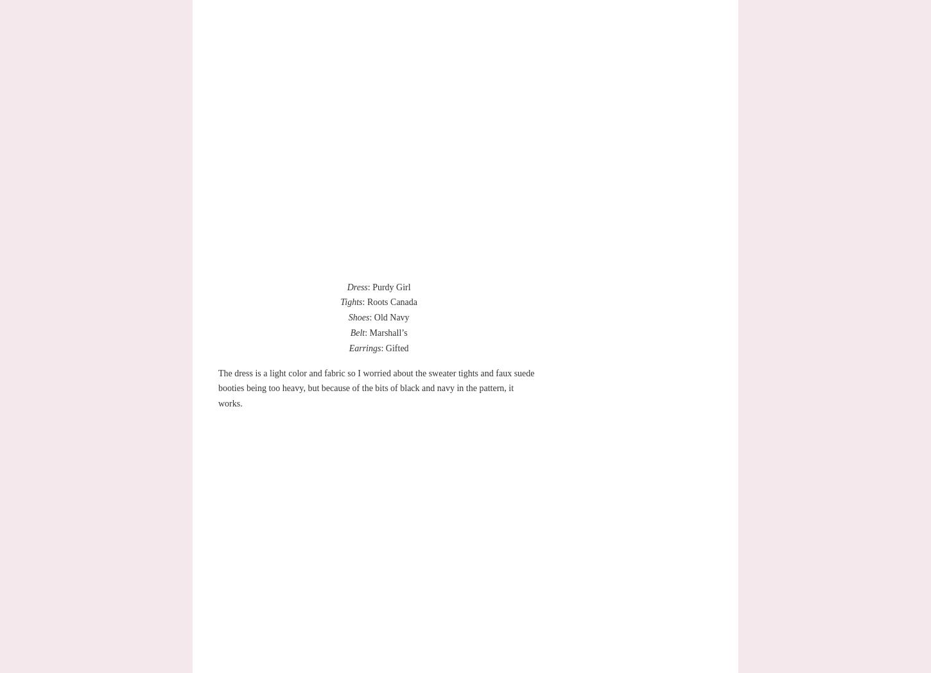 The height and width of the screenshot is (673, 931). Describe the element at coordinates (358, 317) in the screenshot. I see `'Shoes'` at that location.